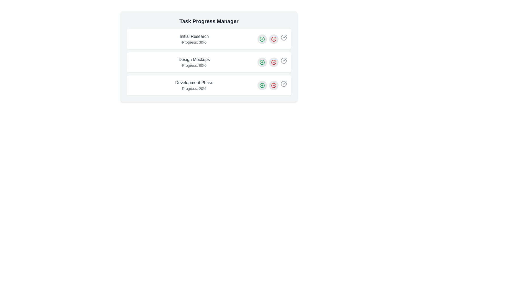  I want to click on the circular delete button located in the second row of the task management list labeled 'Design Mockups', so click(274, 39).